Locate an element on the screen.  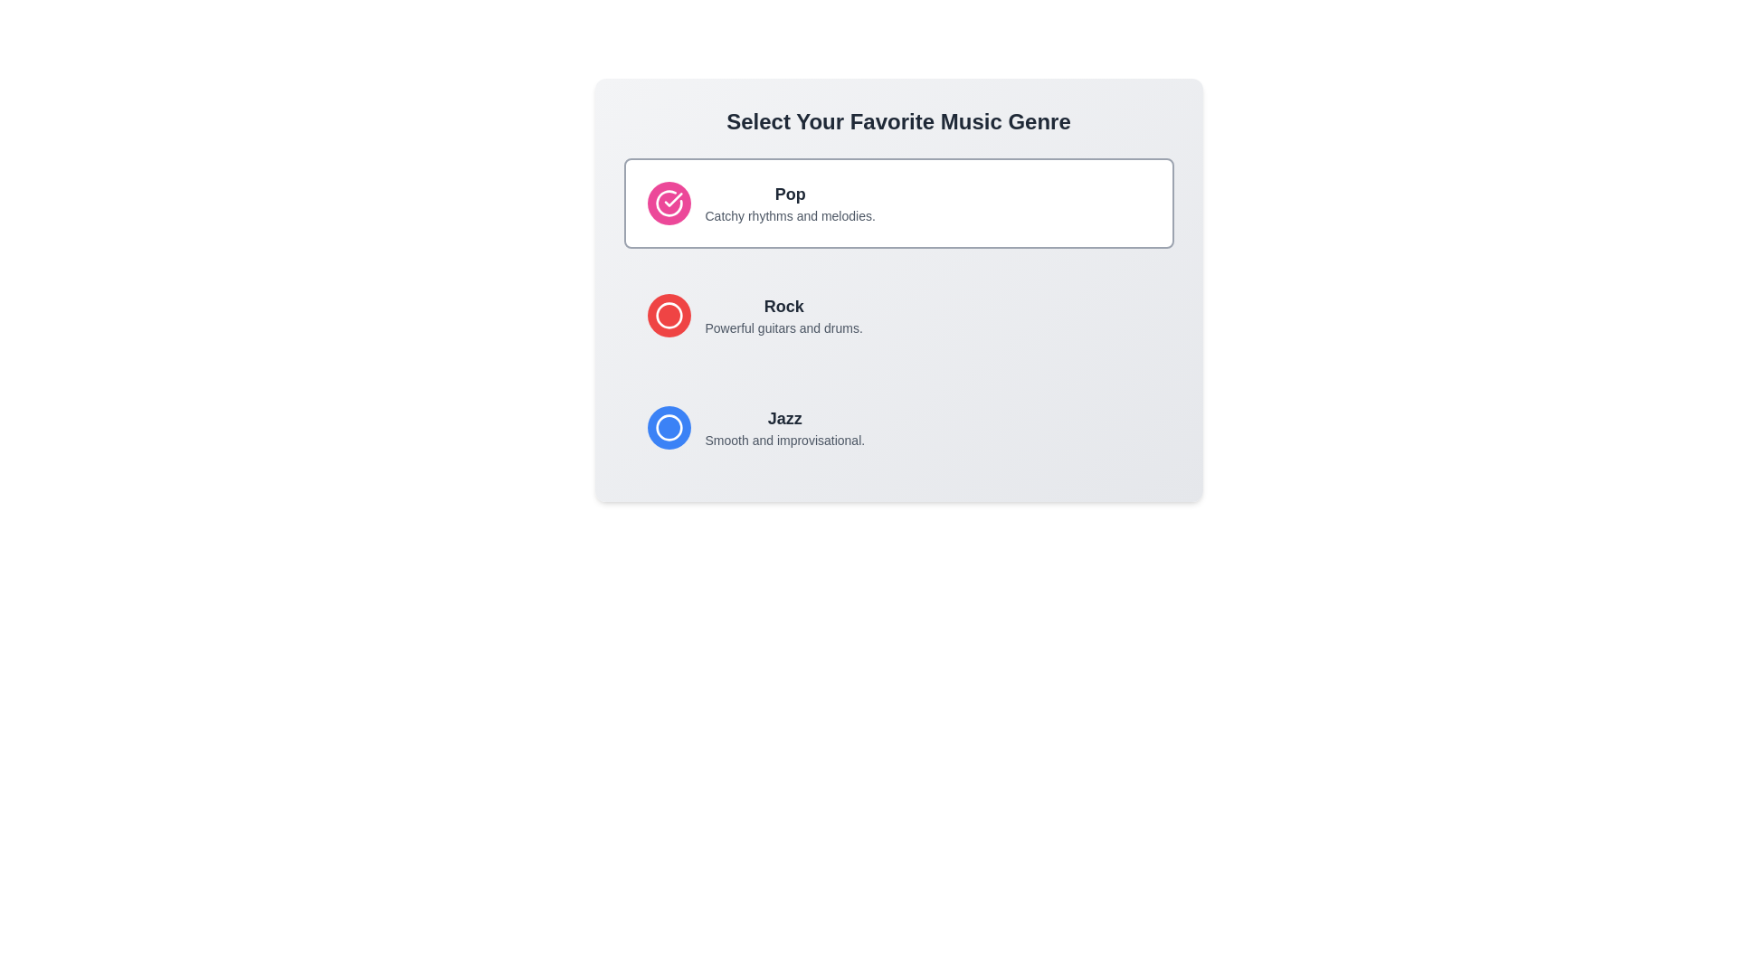
the circular selection icon with a checkmark inside, which has a pink background and white border, positioned to the left of the text label 'Pop' is located at coordinates (668, 203).